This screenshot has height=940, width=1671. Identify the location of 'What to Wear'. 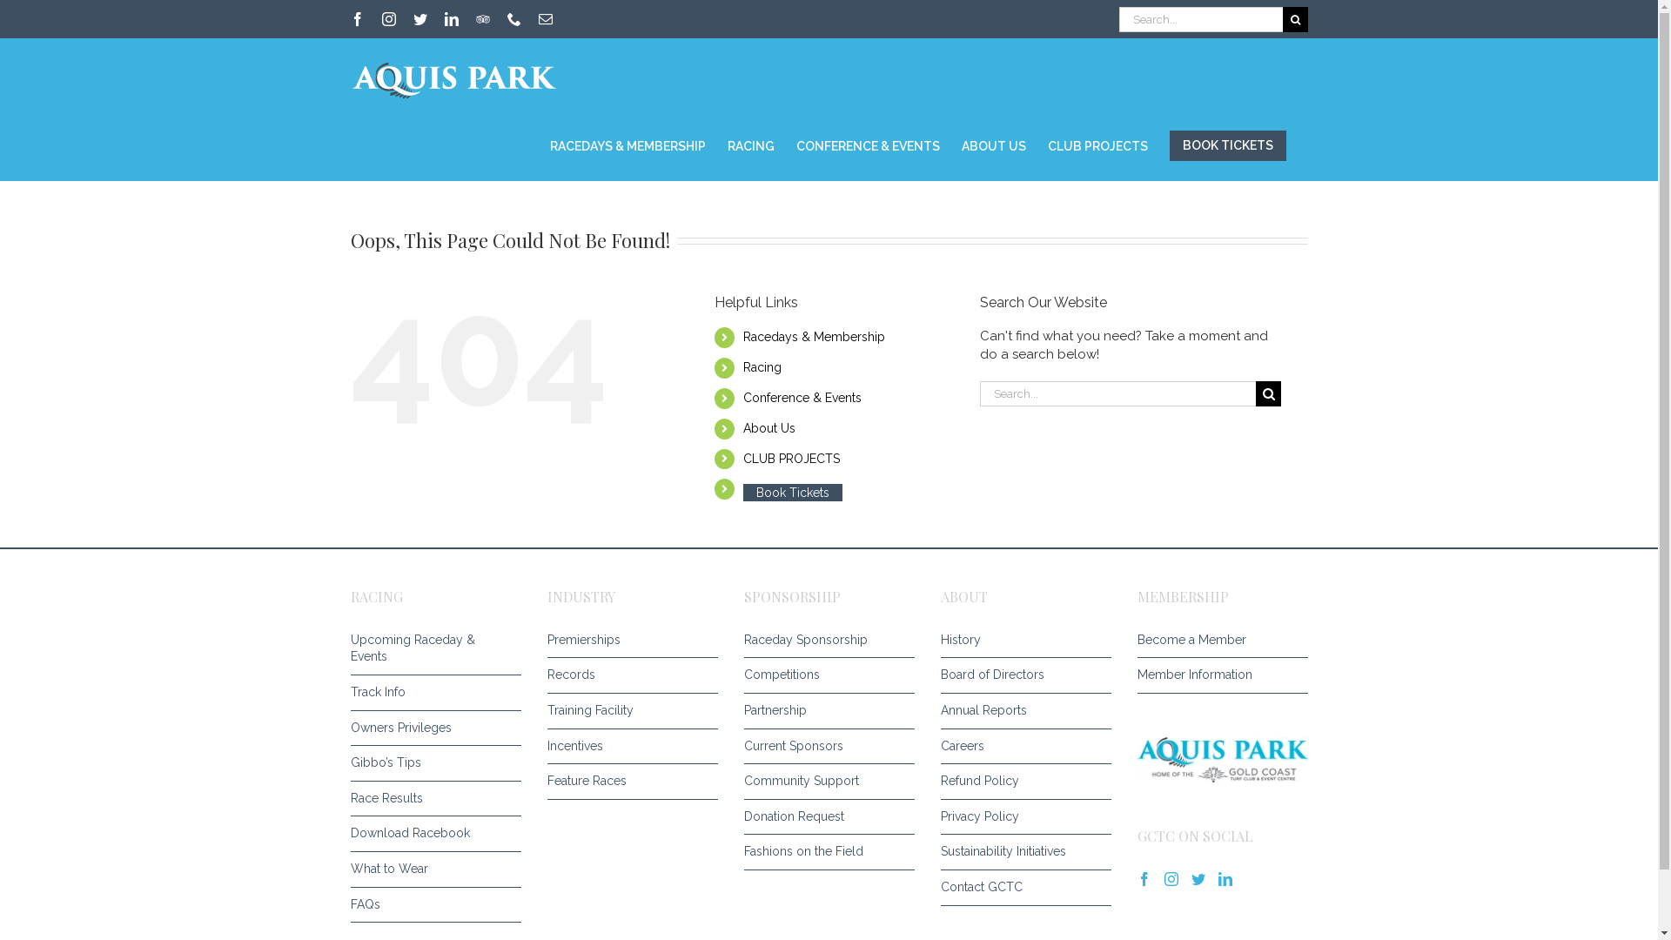
(349, 869).